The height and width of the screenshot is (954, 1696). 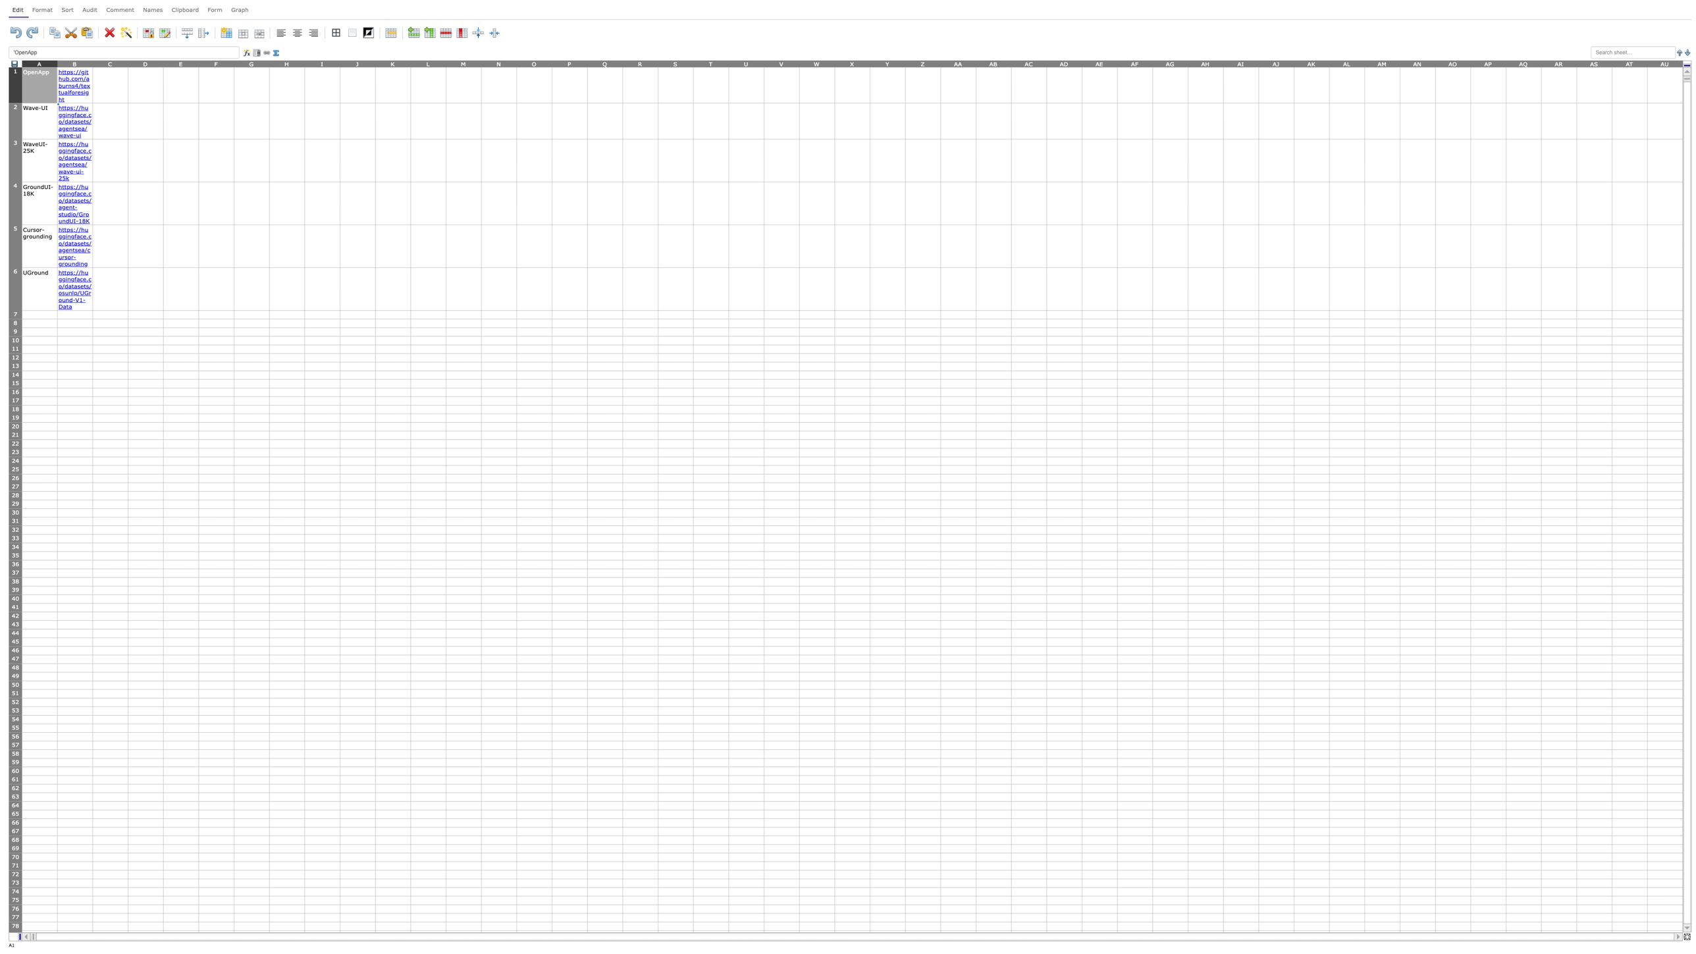 I want to click on to select column A, so click(x=38, y=63).